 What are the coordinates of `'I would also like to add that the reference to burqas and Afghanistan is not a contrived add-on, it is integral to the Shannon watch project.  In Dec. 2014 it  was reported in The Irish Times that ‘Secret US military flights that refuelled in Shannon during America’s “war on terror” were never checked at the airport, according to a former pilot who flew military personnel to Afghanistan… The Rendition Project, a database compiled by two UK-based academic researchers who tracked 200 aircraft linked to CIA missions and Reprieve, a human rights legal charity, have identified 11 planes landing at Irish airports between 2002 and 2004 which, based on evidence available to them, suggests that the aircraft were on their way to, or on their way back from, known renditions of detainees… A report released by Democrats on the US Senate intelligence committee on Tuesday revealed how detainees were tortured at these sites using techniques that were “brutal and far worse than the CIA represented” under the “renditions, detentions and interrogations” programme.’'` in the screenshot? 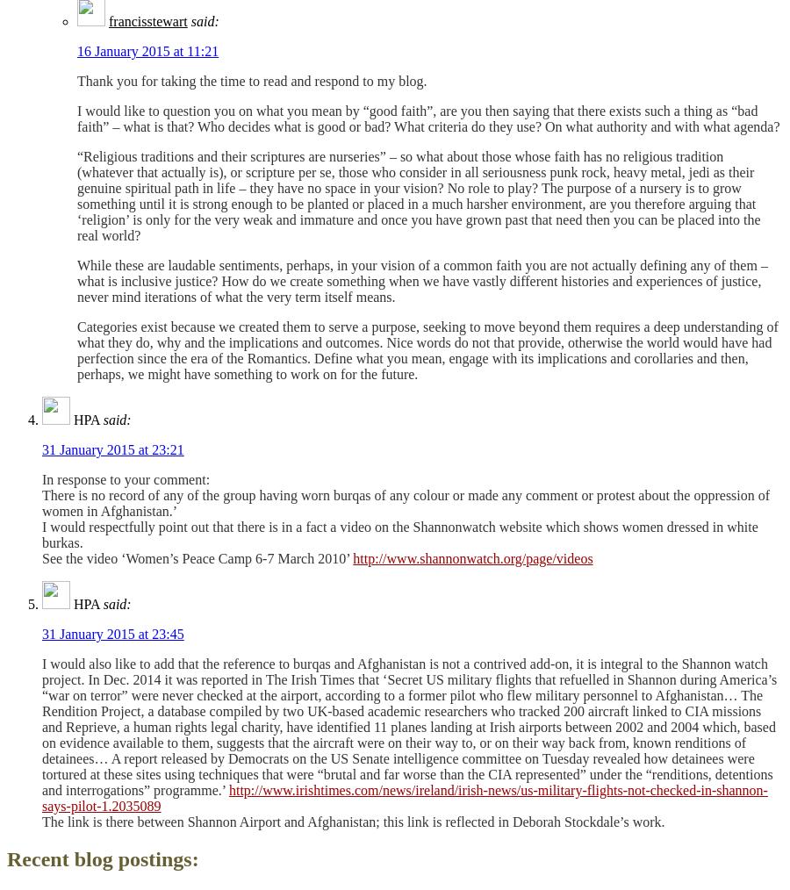 It's located at (408, 727).